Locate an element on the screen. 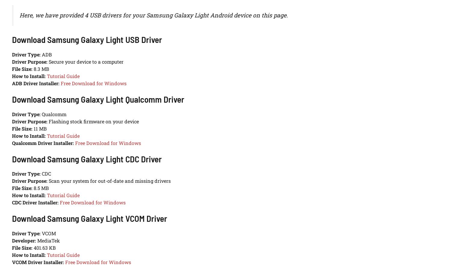 This screenshot has width=466, height=271. 'Download Samsung Galaxy Light Qualcomm Driver' is located at coordinates (98, 99).